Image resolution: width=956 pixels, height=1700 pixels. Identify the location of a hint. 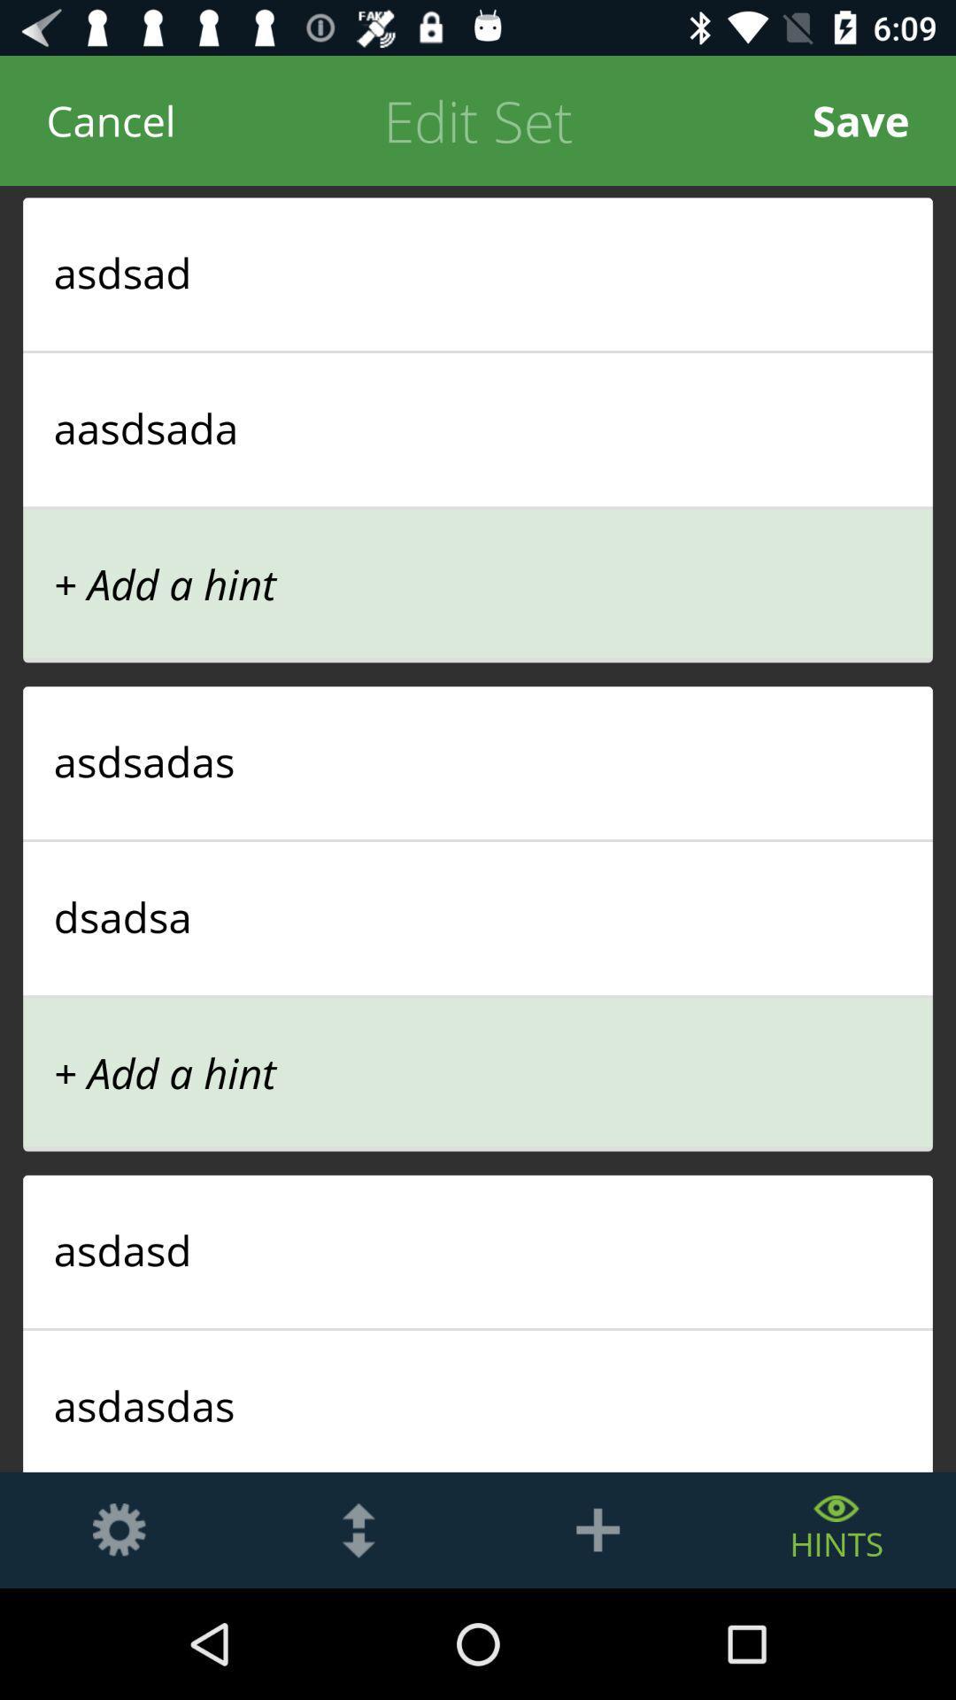
(597, 1529).